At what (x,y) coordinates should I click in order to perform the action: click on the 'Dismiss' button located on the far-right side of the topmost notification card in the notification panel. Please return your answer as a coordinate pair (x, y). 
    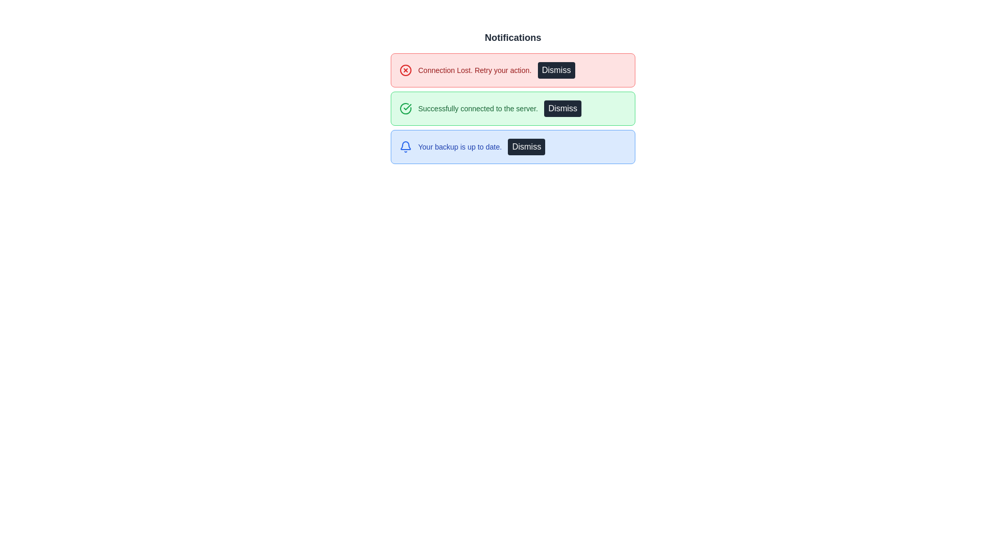
    Looking at the image, I should click on (556, 70).